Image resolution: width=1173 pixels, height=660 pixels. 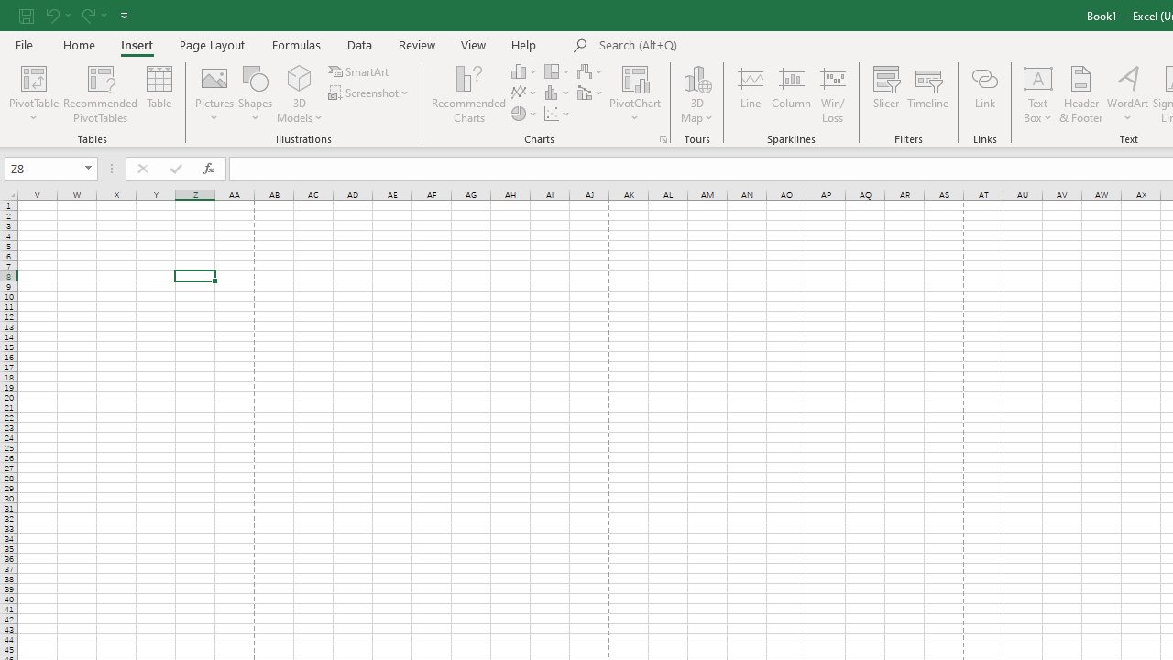 What do you see at coordinates (983, 94) in the screenshot?
I see `'Link'` at bounding box center [983, 94].